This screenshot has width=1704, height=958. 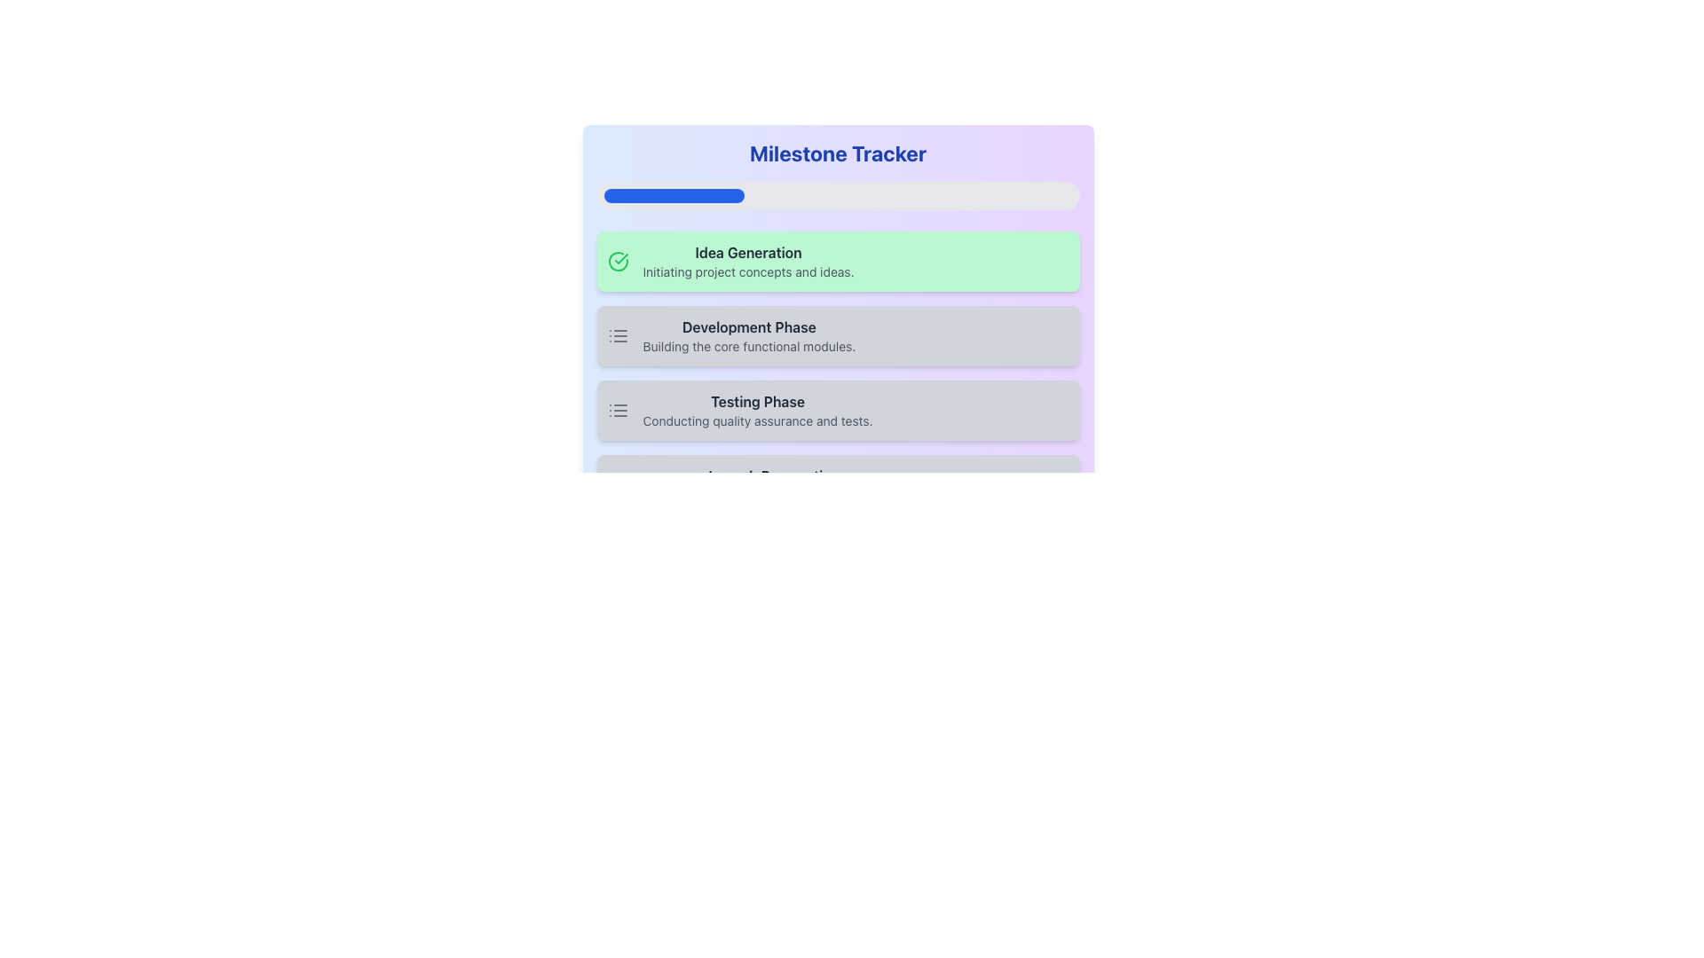 I want to click on the status indication by interacting with the checkmark icon located in the green-highlighted 'Idea Generation' task card, so click(x=621, y=259).